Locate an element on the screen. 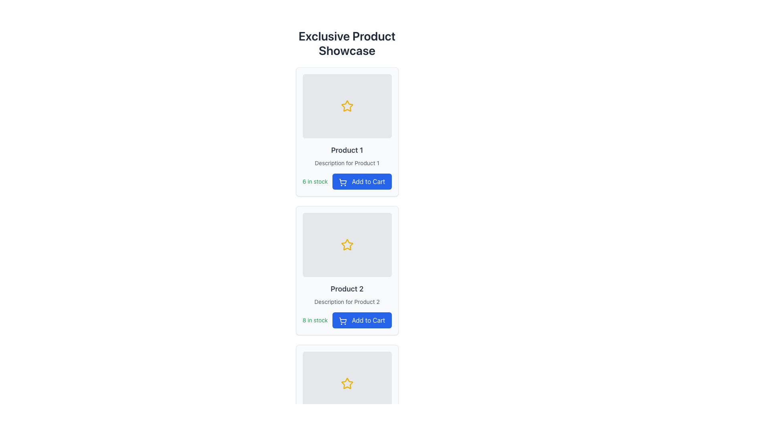  the star icon with a yellow outline located within the third product card, positioned below the text description for Product 2 is located at coordinates (346, 383).